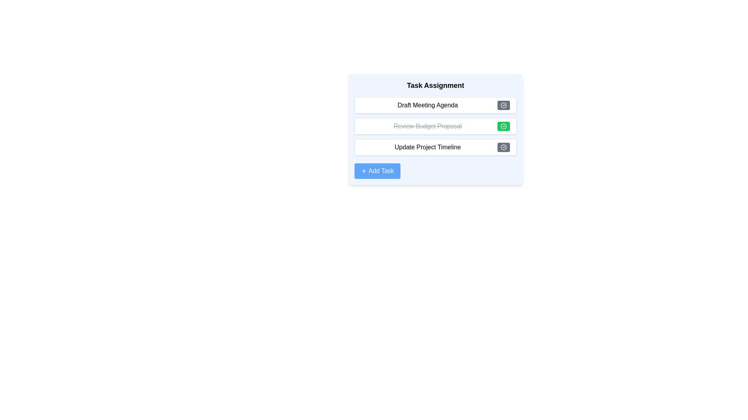 This screenshot has height=420, width=748. Describe the element at coordinates (503, 126) in the screenshot. I see `toggle button for the task identified by Review Budget Proposal` at that location.